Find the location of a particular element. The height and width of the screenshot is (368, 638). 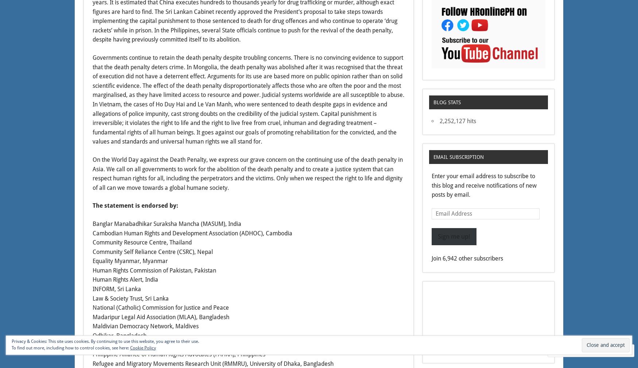

'Cookie Policy' is located at coordinates (143, 348).